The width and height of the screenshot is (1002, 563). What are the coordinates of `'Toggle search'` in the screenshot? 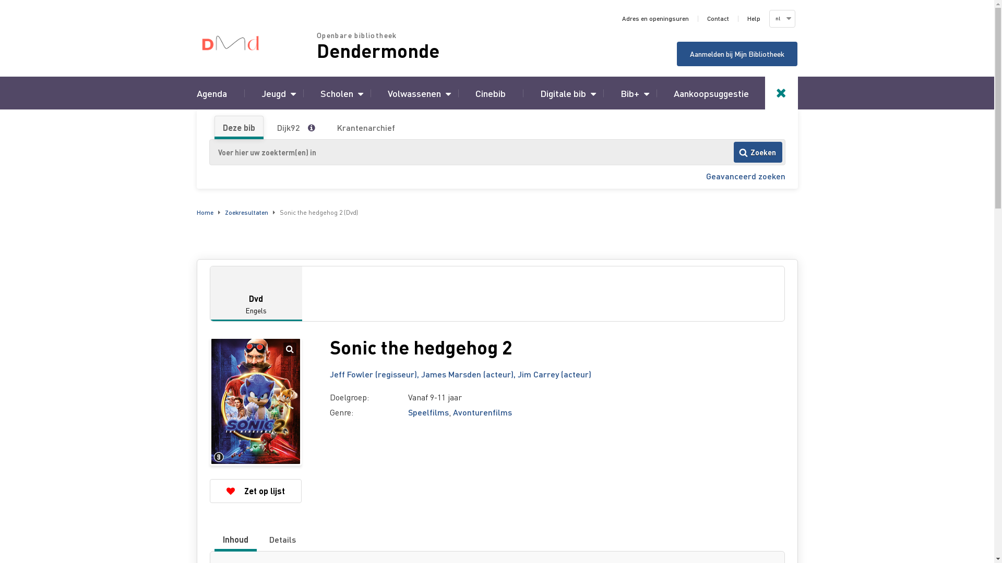 It's located at (781, 92).